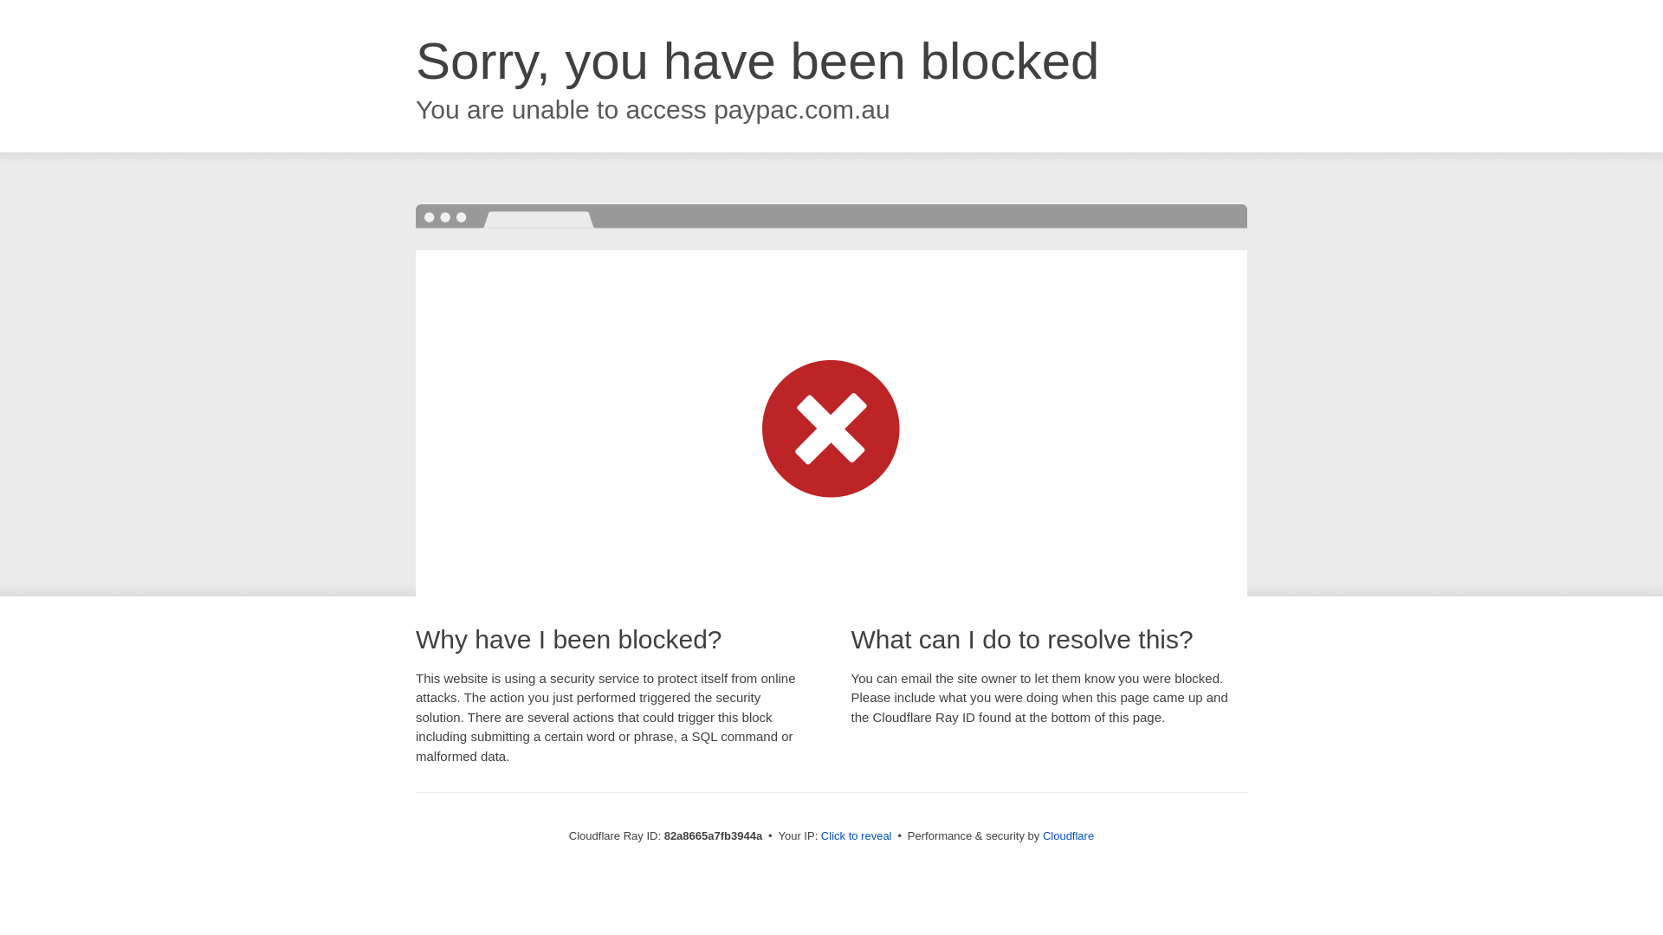  I want to click on 'Cloudflare', so click(1067, 835).